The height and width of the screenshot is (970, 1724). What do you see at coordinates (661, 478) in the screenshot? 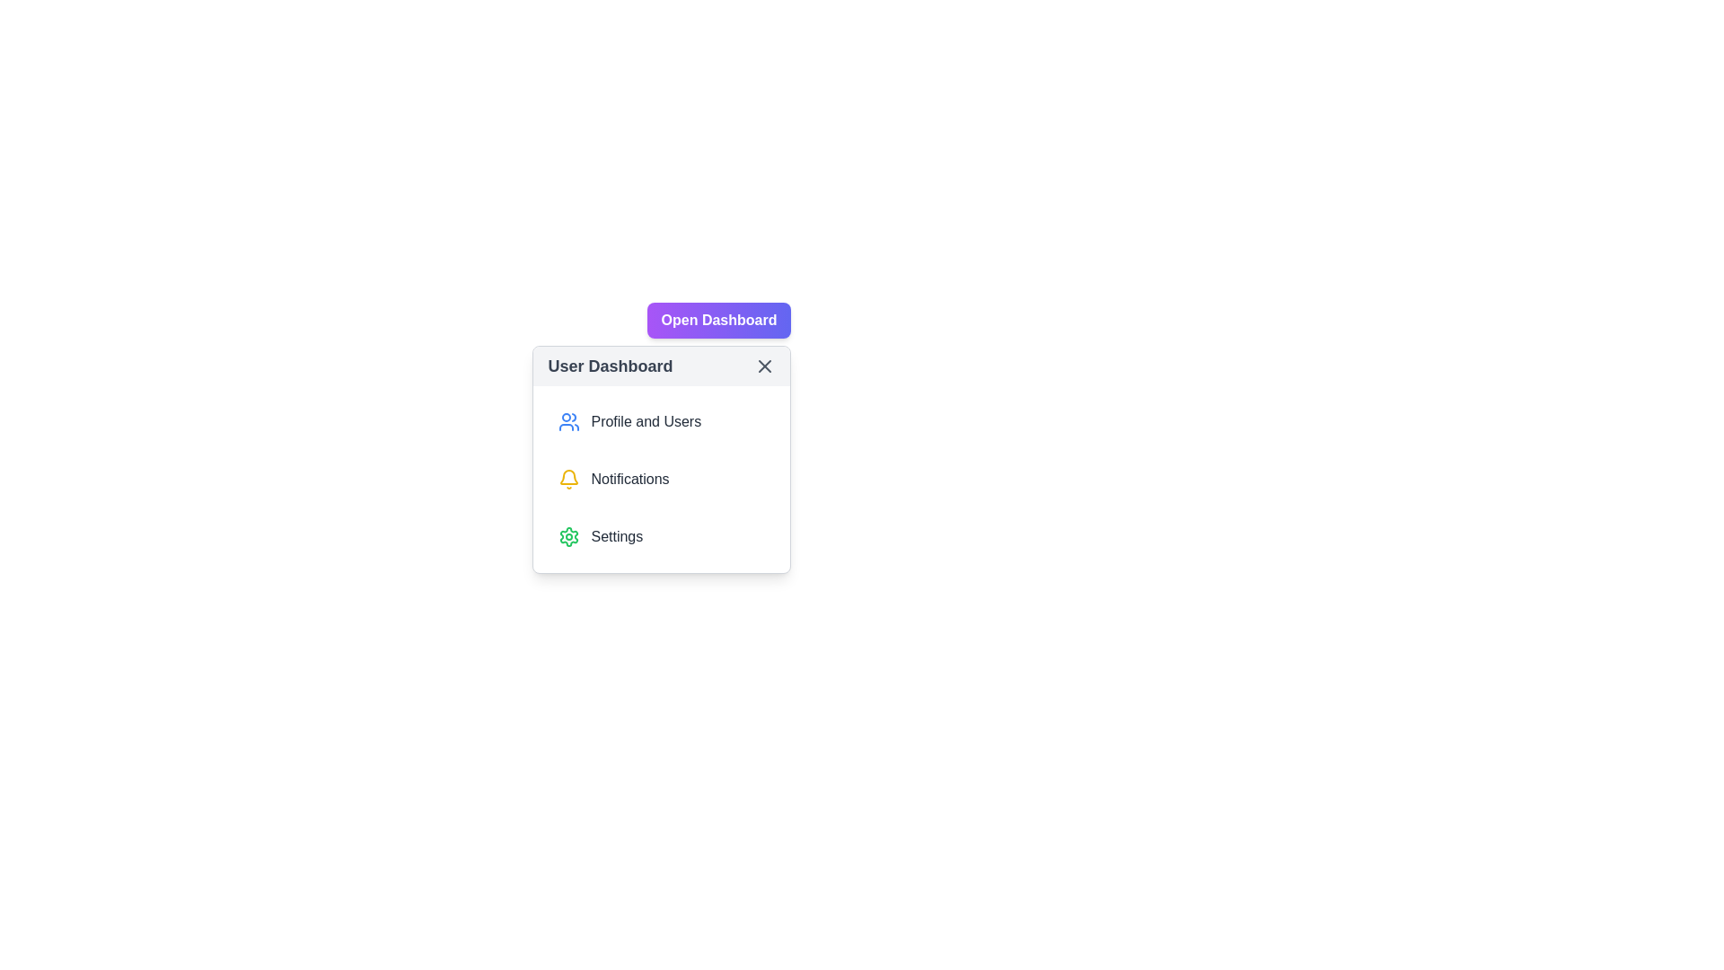
I see `the 'Notifications' menu item` at bounding box center [661, 478].